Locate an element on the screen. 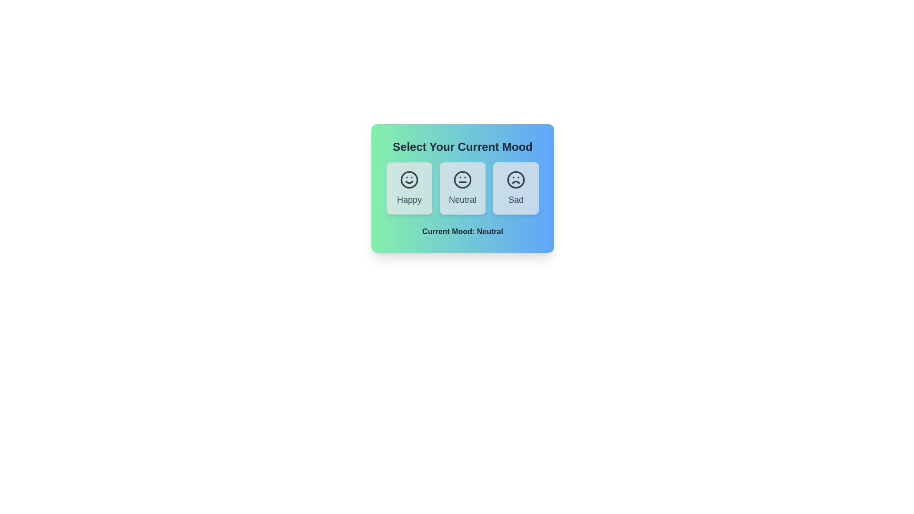  the button corresponding to the mood Neutral is located at coordinates (462, 188).